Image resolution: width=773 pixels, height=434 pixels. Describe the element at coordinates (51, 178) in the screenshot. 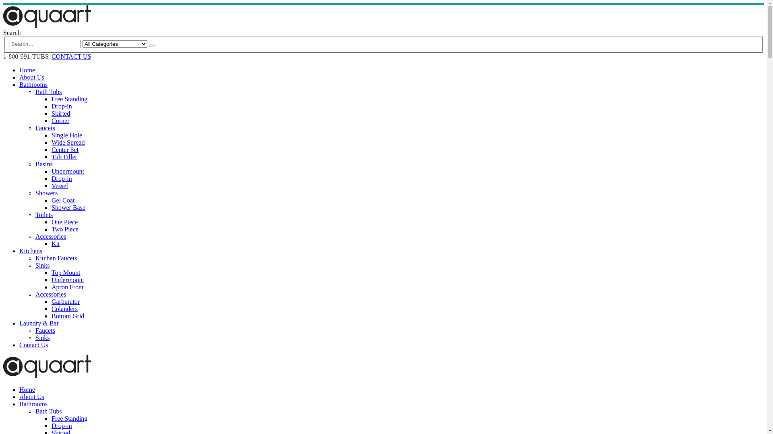

I see `'Drop-in'` at that location.